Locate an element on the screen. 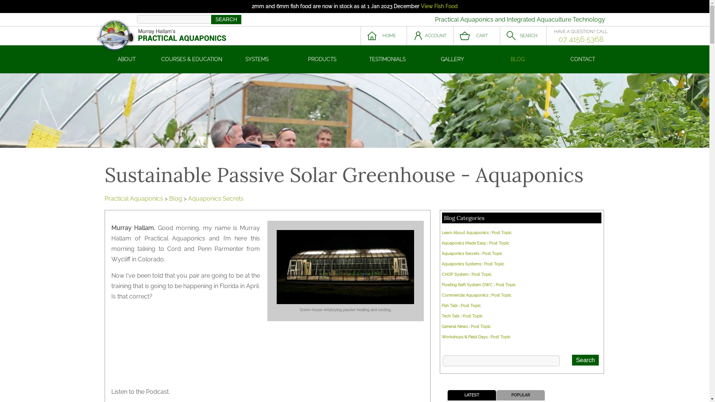 This screenshot has height=402, width=715. 'GALLERY' is located at coordinates (452, 59).